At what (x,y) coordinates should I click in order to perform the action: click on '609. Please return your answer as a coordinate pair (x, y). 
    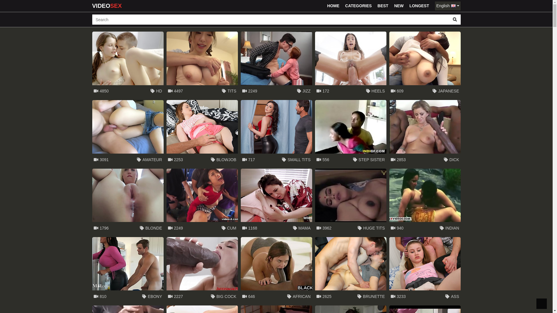
    Looking at the image, I should click on (425, 64).